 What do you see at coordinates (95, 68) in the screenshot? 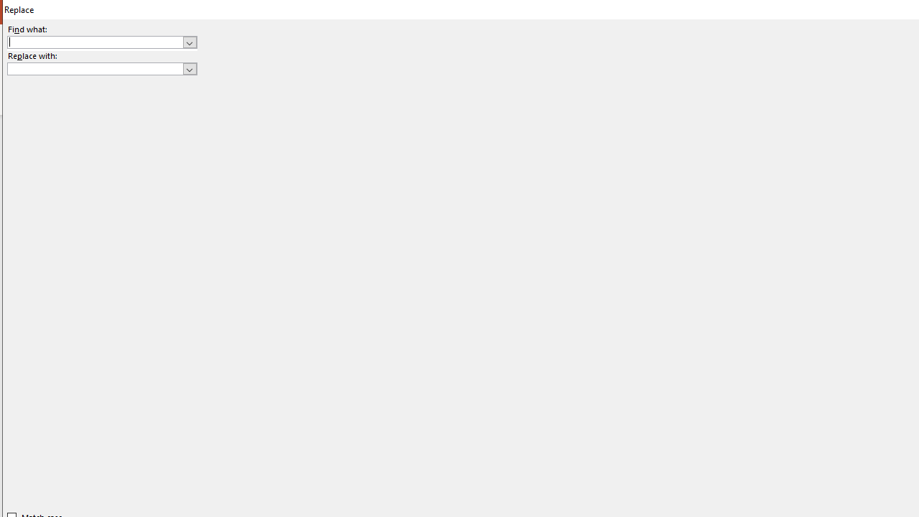
I see `'Replace with'` at bounding box center [95, 68].